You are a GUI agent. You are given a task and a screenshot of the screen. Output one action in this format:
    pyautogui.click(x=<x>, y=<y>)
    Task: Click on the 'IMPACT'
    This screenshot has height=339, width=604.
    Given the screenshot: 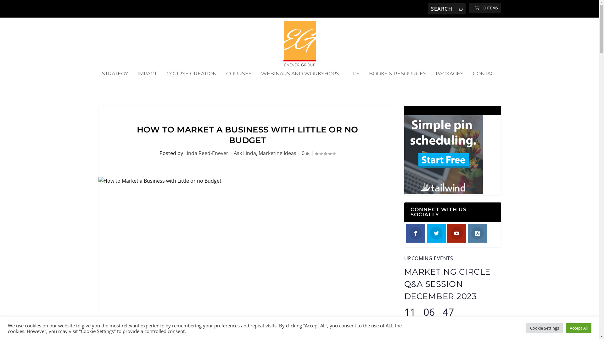 What is the action you would take?
    pyautogui.click(x=147, y=82)
    